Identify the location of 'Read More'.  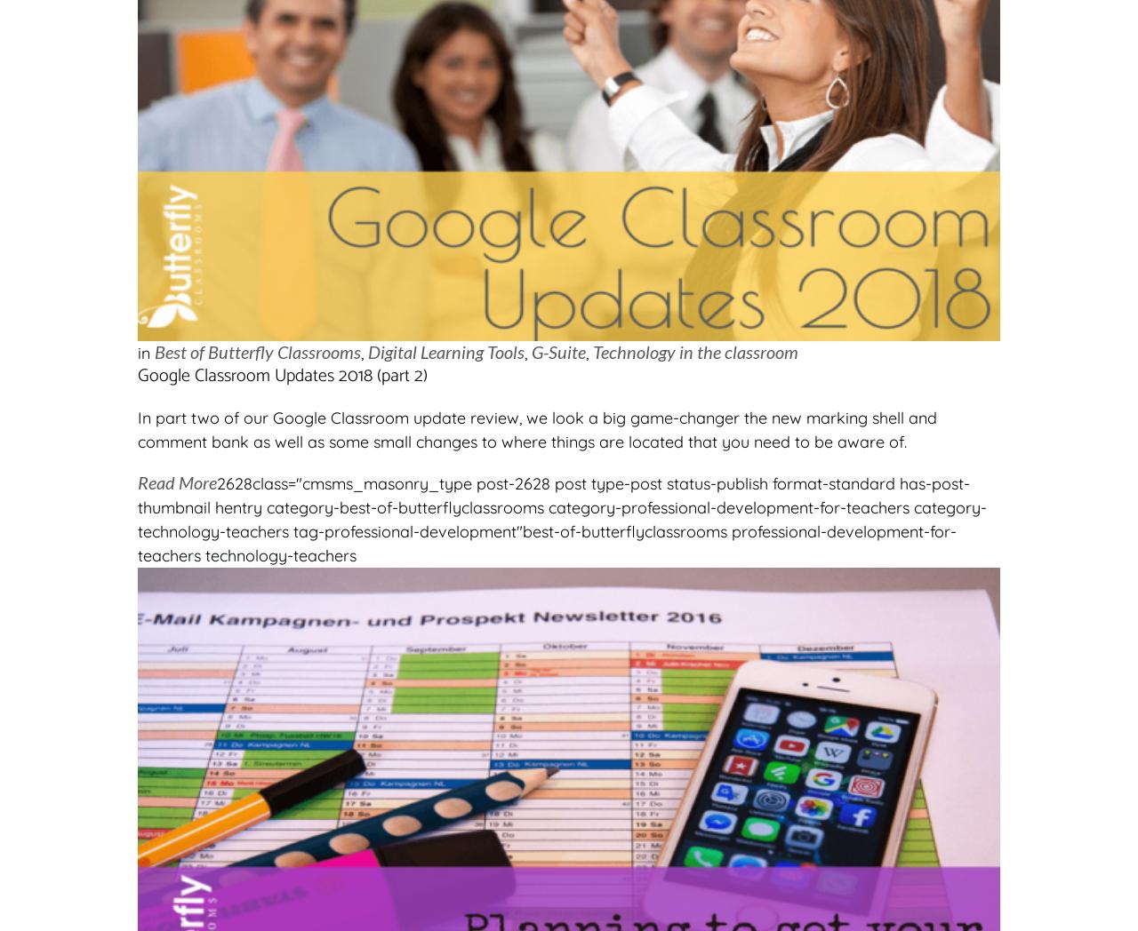
(177, 481).